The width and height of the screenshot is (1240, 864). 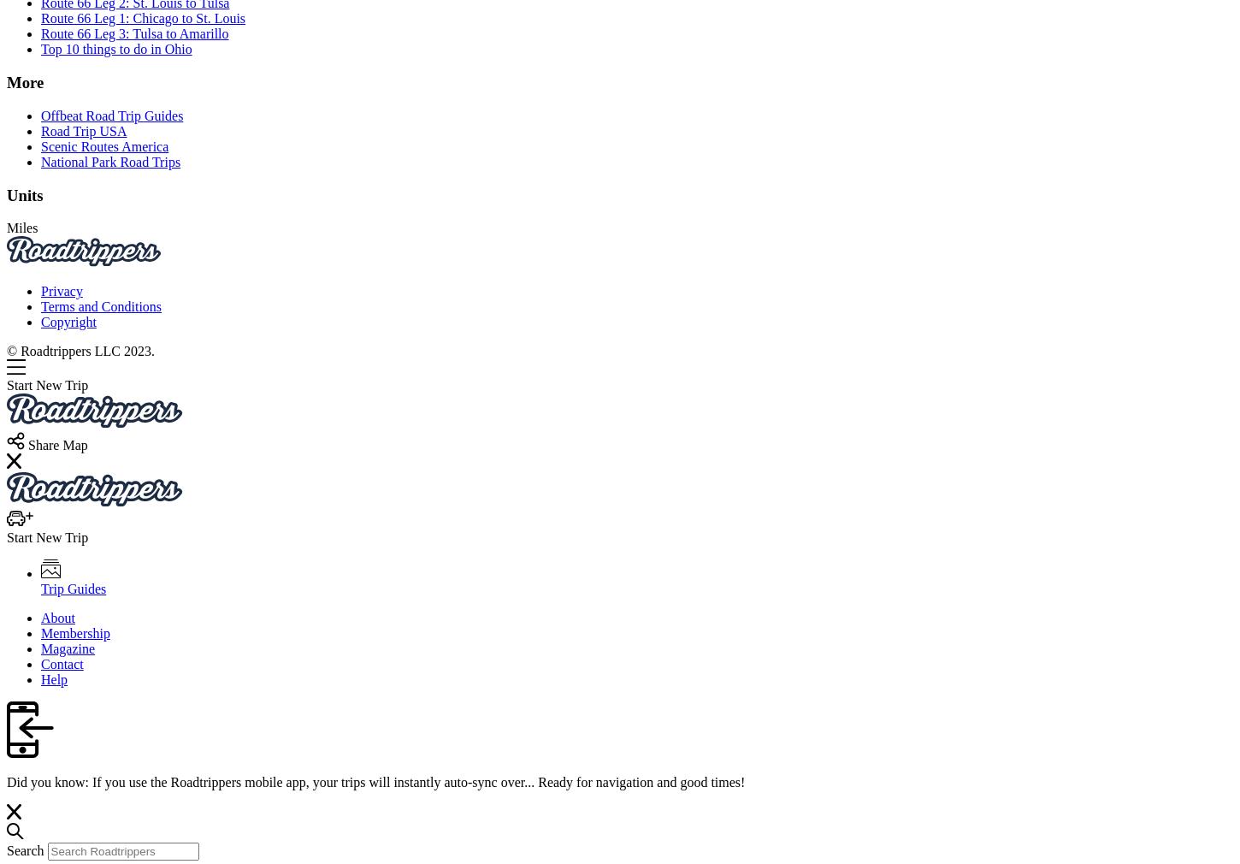 What do you see at coordinates (101, 306) in the screenshot?
I see `'Terms and Conditions'` at bounding box center [101, 306].